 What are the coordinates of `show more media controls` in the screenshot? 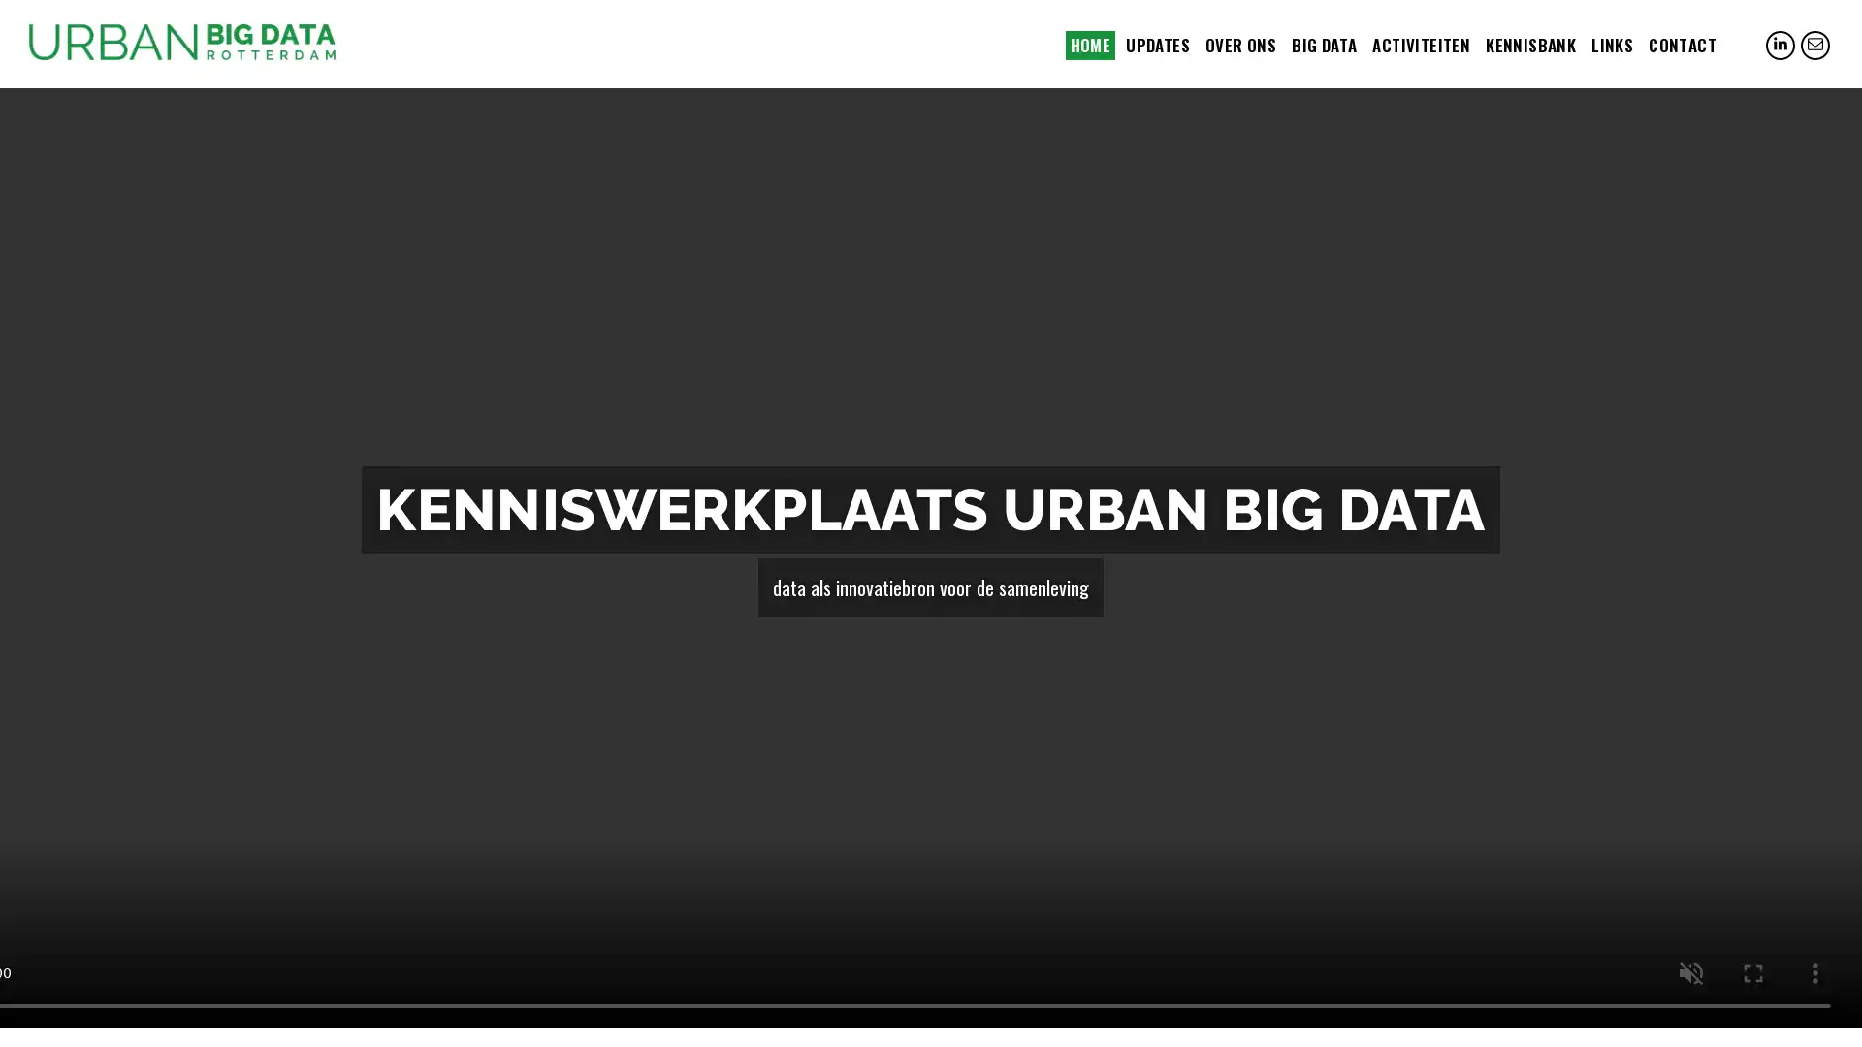 It's located at (1814, 972).